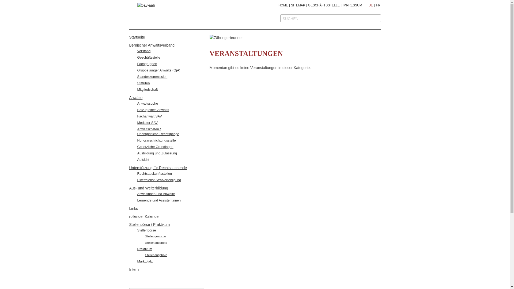  I want to click on 'Stellengesuche', so click(155, 236).